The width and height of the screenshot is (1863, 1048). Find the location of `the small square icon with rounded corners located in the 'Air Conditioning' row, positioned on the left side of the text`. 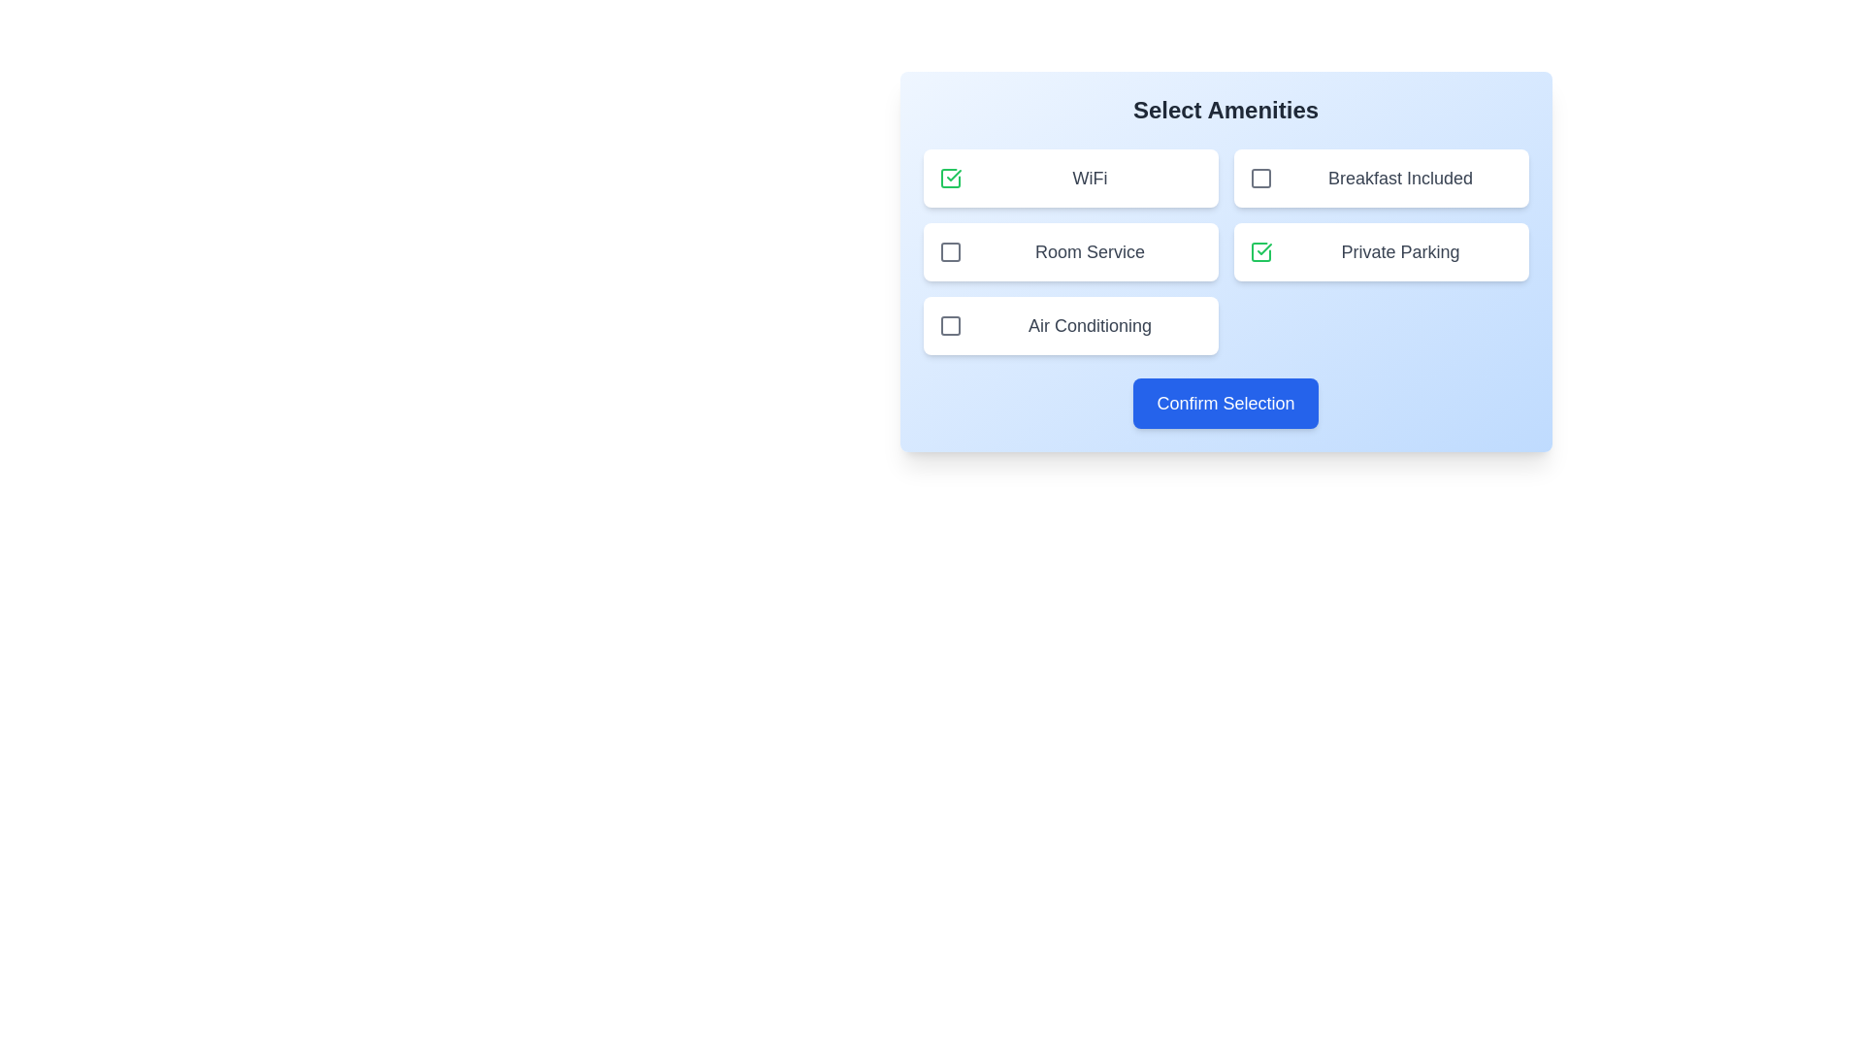

the small square icon with rounded corners located in the 'Air Conditioning' row, positioned on the left side of the text is located at coordinates (950, 324).